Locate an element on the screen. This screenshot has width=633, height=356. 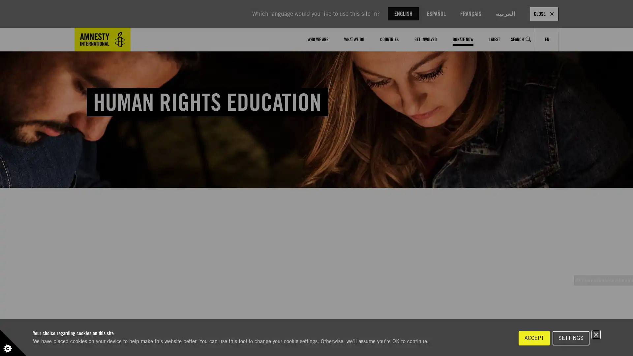
Show search form is located at coordinates (528, 39).